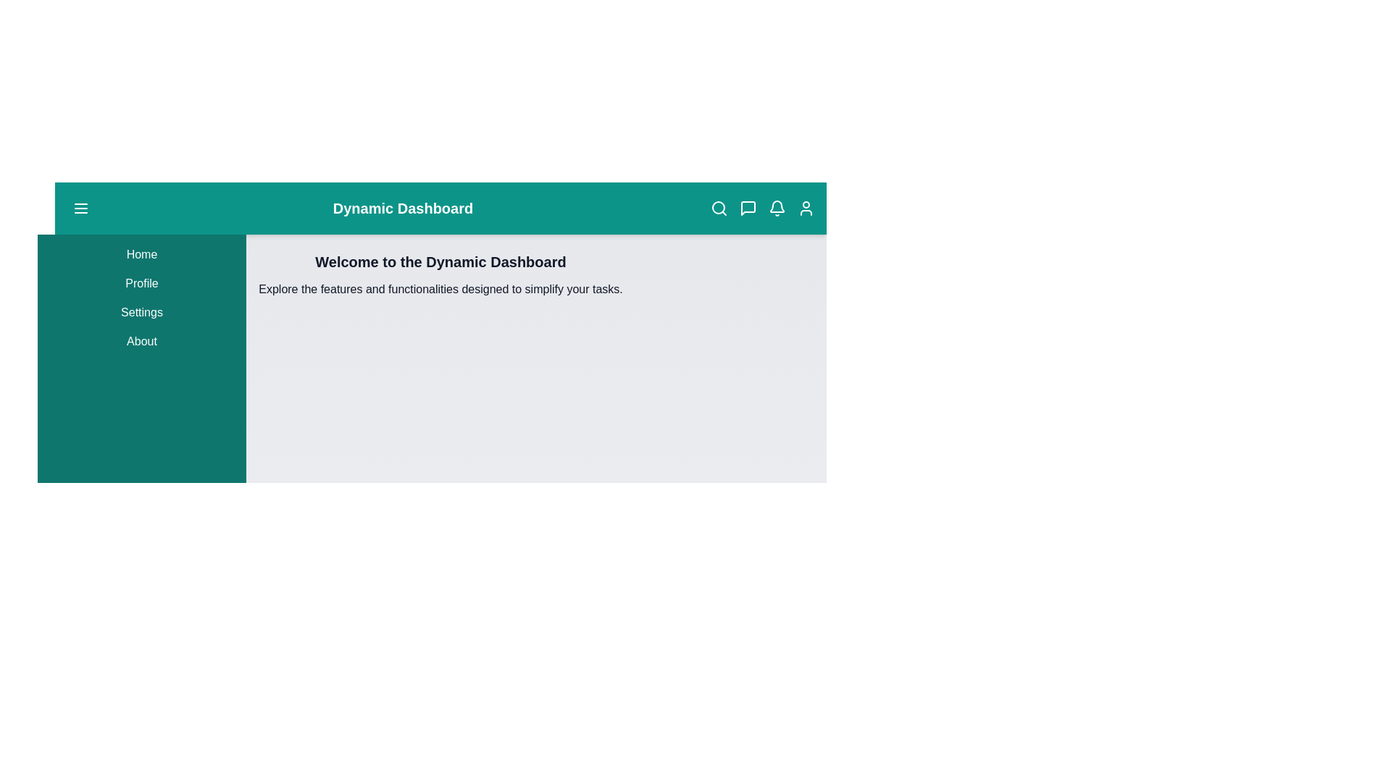 The width and height of the screenshot is (1391, 782). I want to click on the user profile icon located at the top-right corner of the app bar, so click(806, 209).